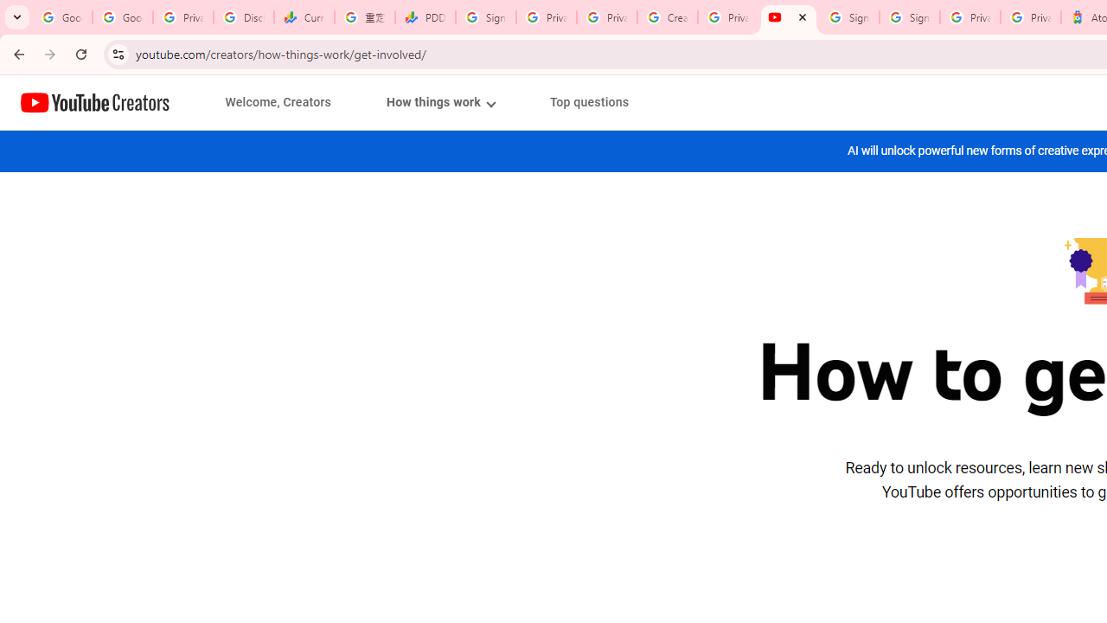 The width and height of the screenshot is (1107, 623). Describe the element at coordinates (62, 17) in the screenshot. I see `'Google Workspace Admin Community'` at that location.